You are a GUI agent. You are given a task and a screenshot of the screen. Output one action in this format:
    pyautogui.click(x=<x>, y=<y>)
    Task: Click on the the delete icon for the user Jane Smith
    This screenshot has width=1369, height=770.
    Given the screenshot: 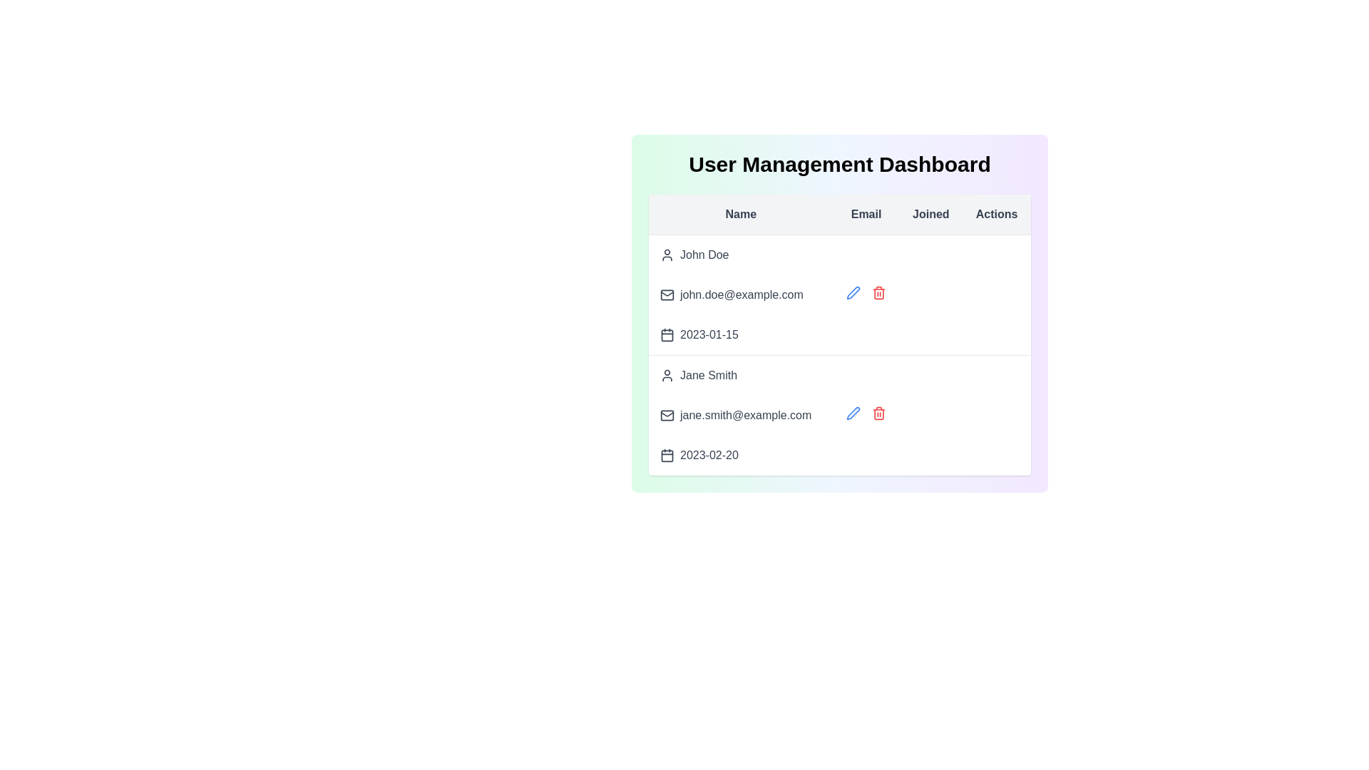 What is the action you would take?
    pyautogui.click(x=878, y=412)
    